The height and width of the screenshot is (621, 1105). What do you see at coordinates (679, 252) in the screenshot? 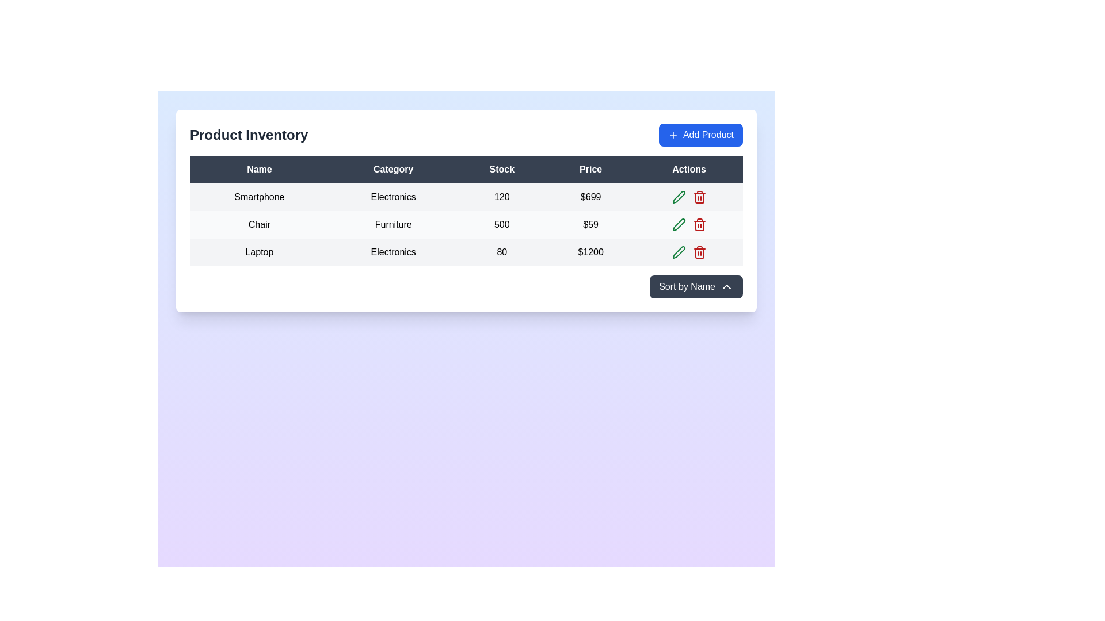
I see `the green pencil icon in the 'Actions' column of the first row corresponding to the product 'Smartphone'` at bounding box center [679, 252].